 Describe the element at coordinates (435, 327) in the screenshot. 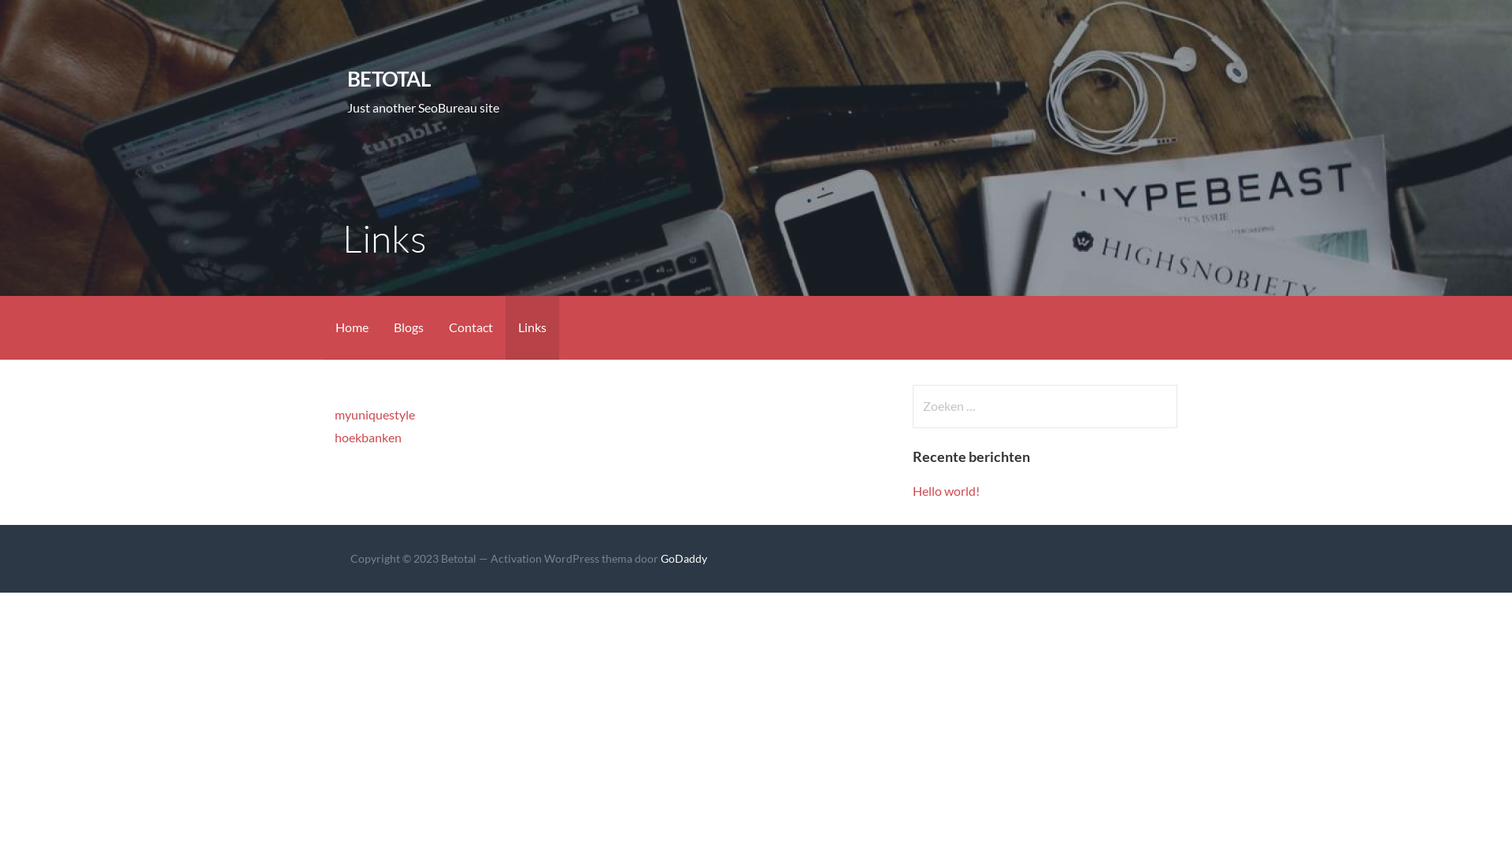

I see `'Contact'` at that location.